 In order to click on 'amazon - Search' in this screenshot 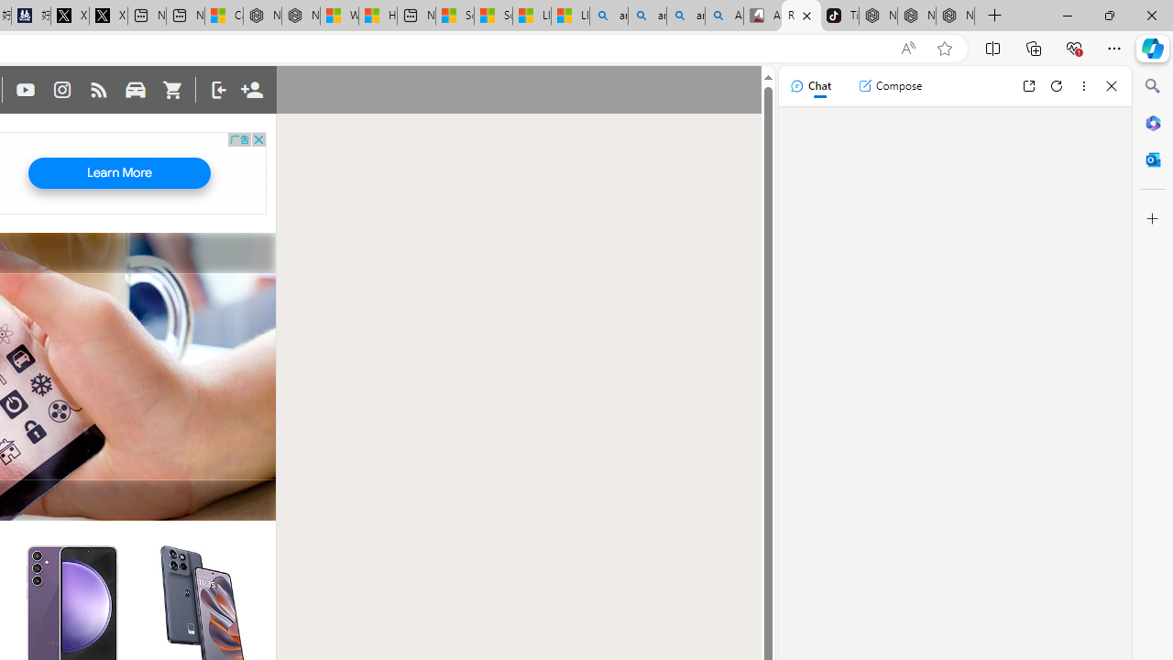, I will do `click(647, 16)`.